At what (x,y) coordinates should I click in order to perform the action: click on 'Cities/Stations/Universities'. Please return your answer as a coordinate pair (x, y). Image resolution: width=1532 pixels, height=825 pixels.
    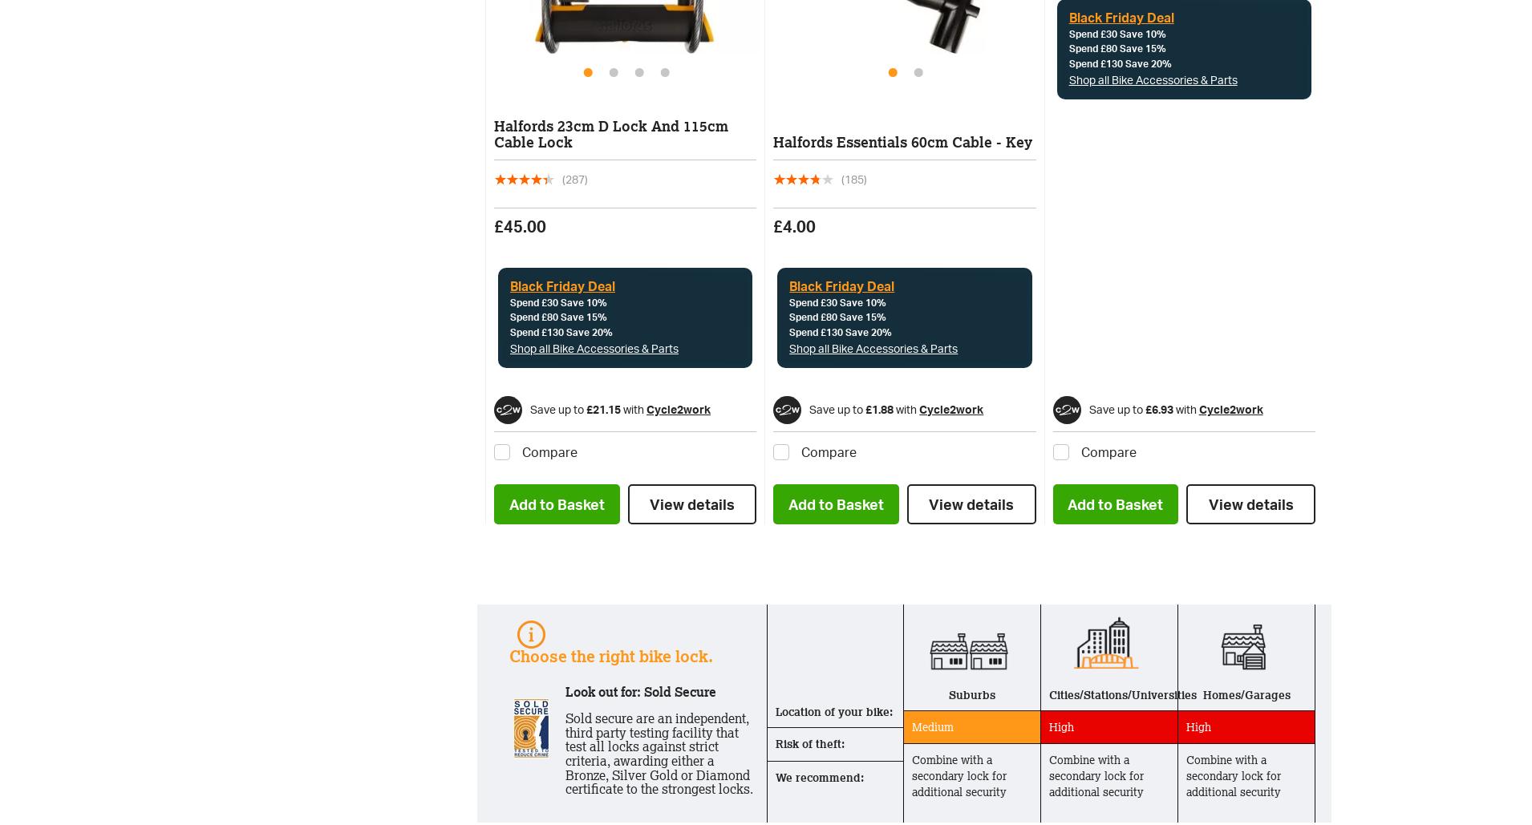
    Looking at the image, I should click on (1122, 694).